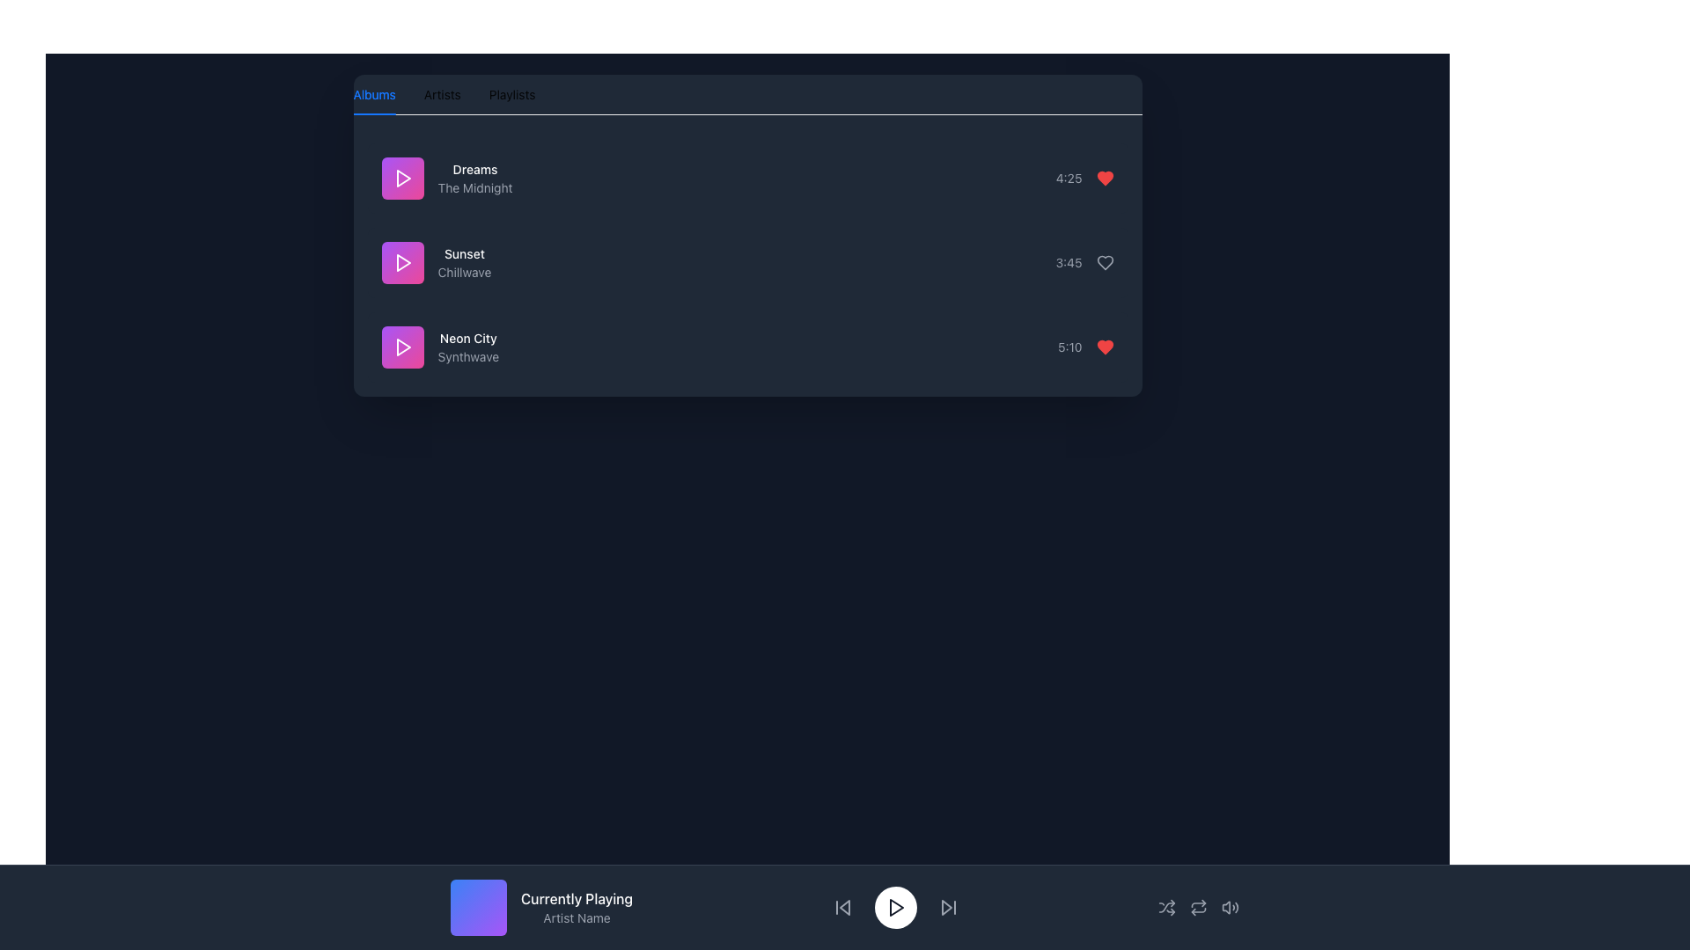  What do you see at coordinates (373, 95) in the screenshot?
I see `the 'Albums' tab` at bounding box center [373, 95].